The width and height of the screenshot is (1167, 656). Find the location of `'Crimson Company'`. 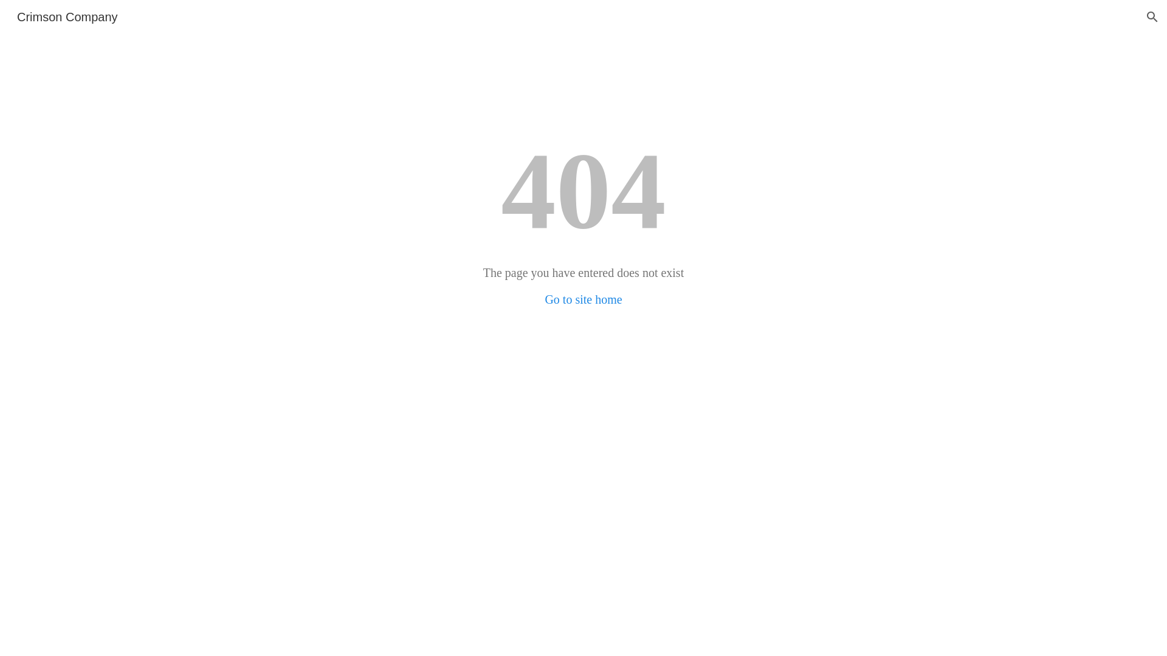

'Crimson Company' is located at coordinates (66, 16).